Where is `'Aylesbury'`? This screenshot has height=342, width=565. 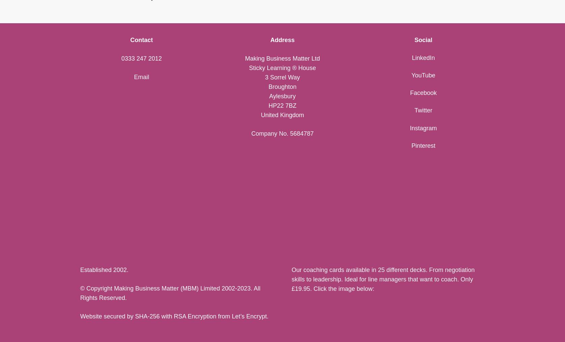
'Aylesbury' is located at coordinates (282, 95).